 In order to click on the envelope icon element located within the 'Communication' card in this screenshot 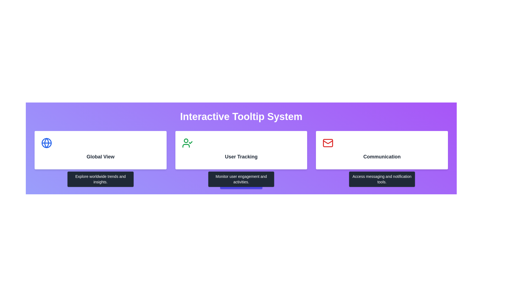, I will do `click(328, 143)`.